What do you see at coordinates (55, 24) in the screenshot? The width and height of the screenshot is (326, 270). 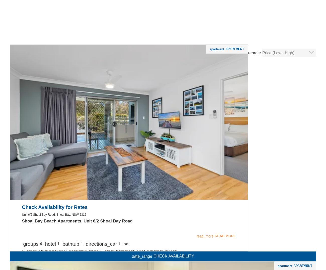 I see `'Fiddlers Green 8 - Nelson Bay'` at bounding box center [55, 24].